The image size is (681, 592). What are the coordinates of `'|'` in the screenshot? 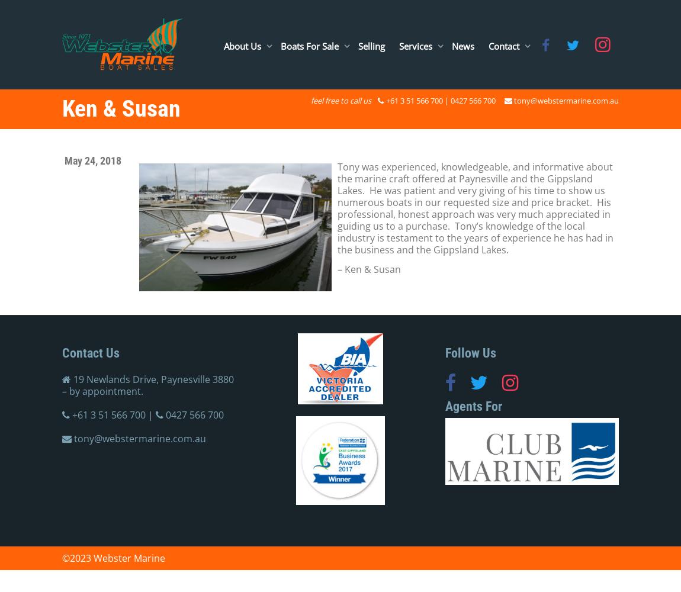 It's located at (150, 414).